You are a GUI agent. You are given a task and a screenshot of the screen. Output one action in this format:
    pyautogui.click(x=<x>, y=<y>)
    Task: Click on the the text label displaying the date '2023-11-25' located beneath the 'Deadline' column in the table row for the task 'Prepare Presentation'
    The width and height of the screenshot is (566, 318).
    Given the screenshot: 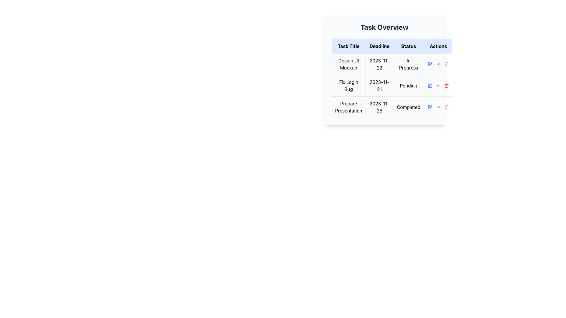 What is the action you would take?
    pyautogui.click(x=379, y=107)
    